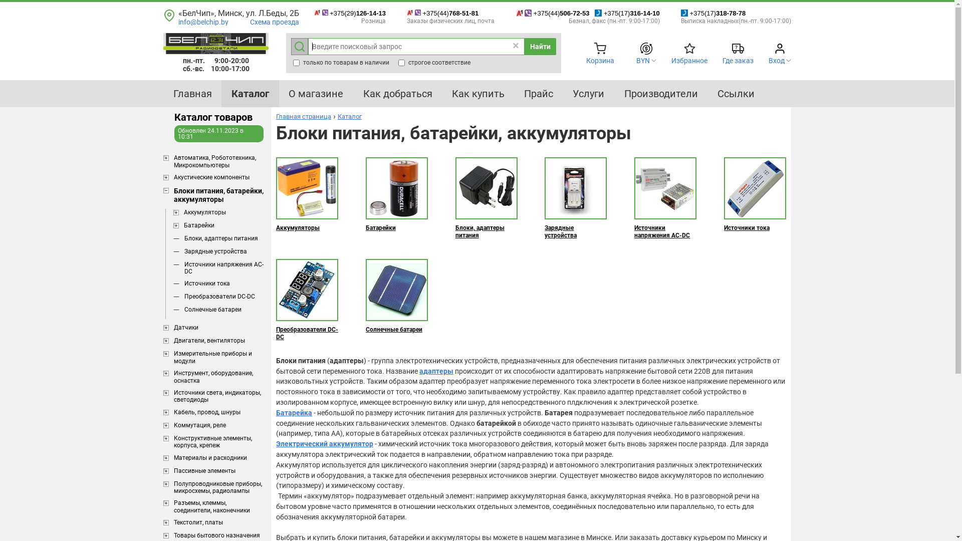 The width and height of the screenshot is (962, 541). Describe the element at coordinates (401, 63) in the screenshot. I see `'on'` at that location.